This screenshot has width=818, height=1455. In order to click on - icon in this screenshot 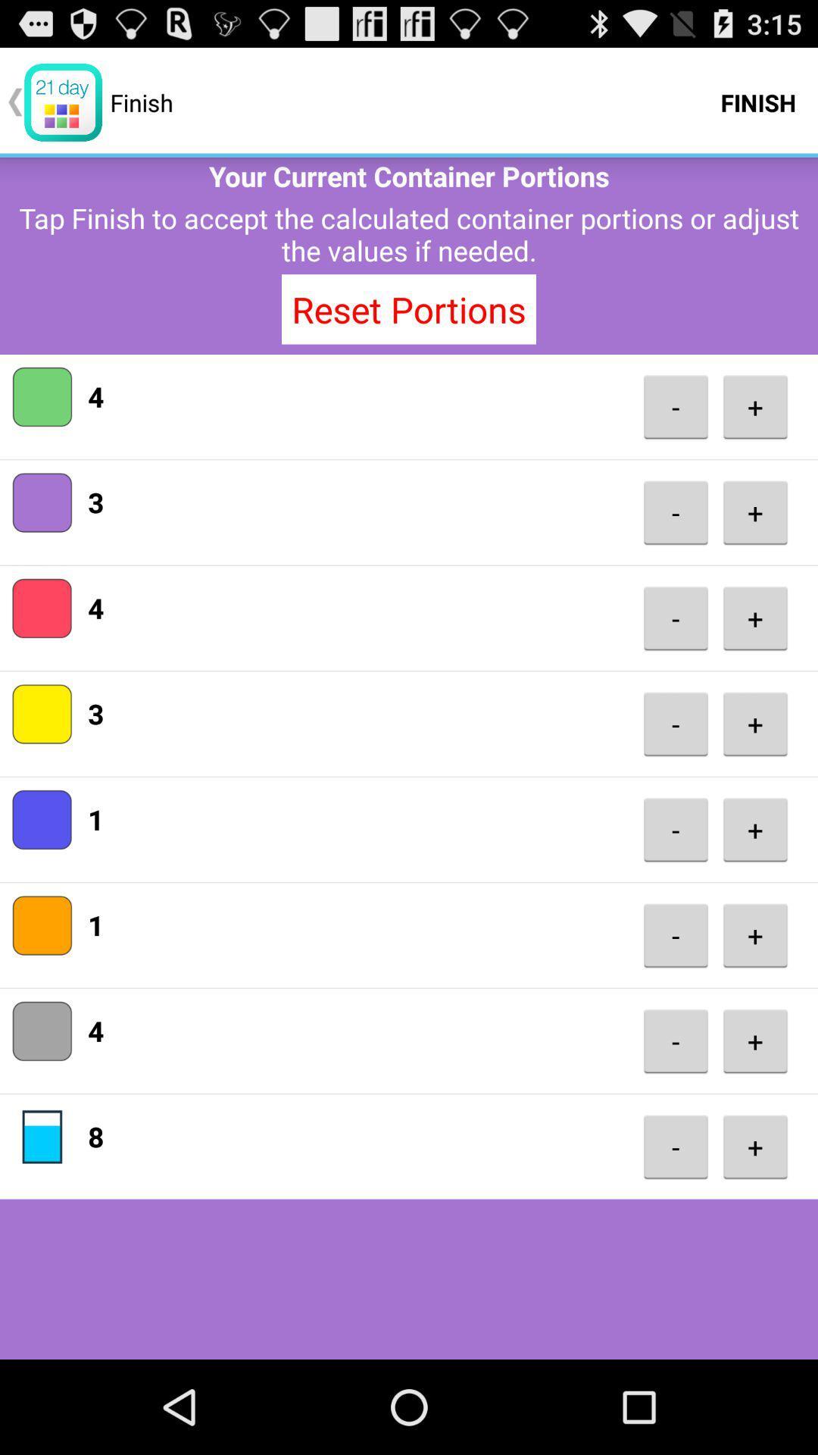, I will do `click(675, 512)`.